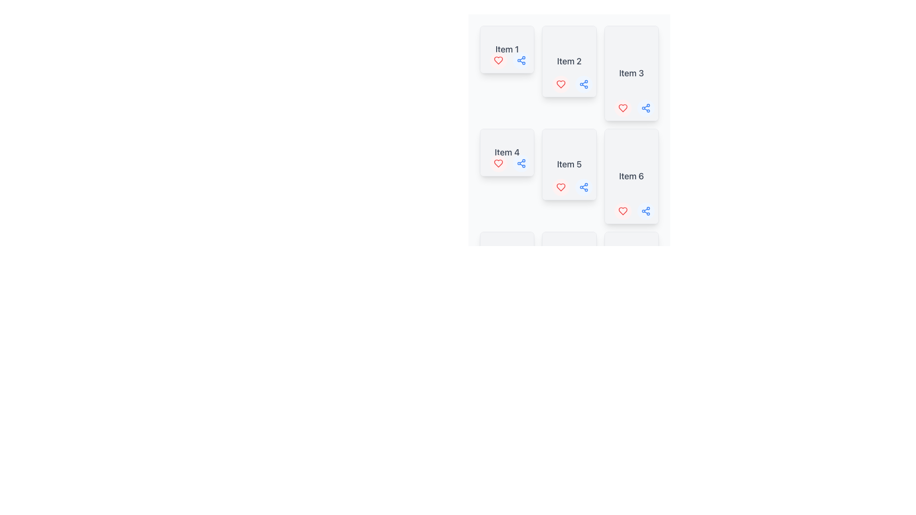 Image resolution: width=916 pixels, height=515 pixels. Describe the element at coordinates (631, 73) in the screenshot. I see `the interactive card labeled 'Item 3' in the grid layout, which is located in the first row and third column of the grid` at that location.